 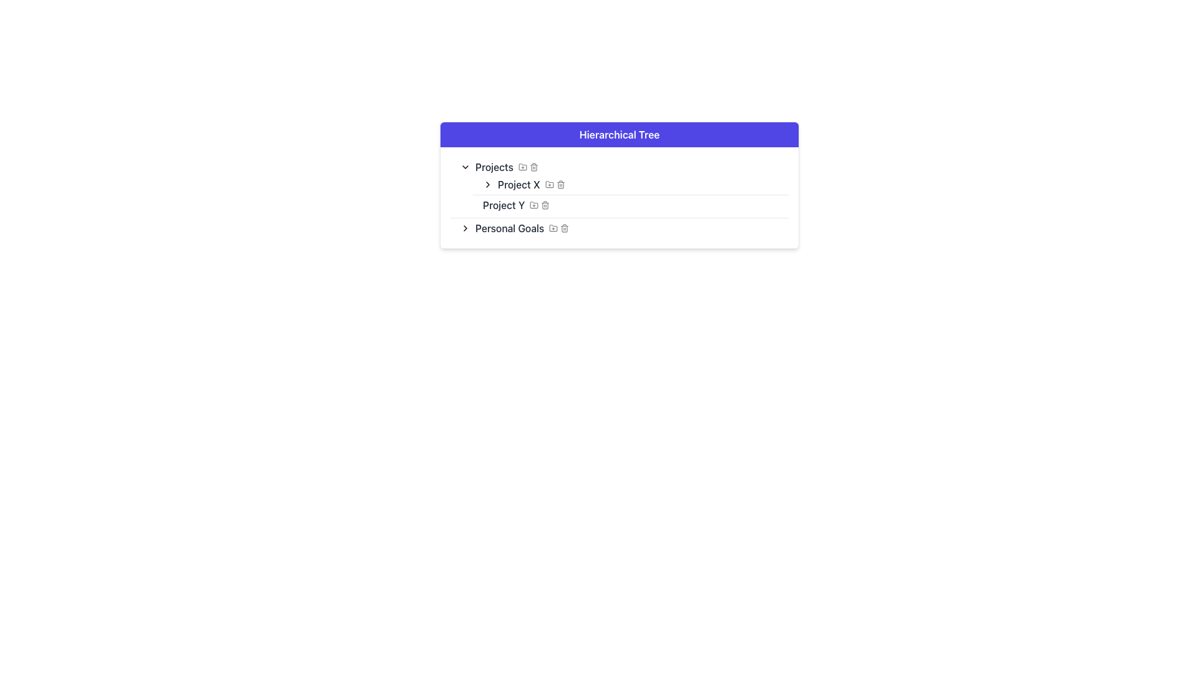 What do you see at coordinates (522, 166) in the screenshot?
I see `the folder icon representing the 'Projects' category, which is located to the right of the 'Projects' label` at bounding box center [522, 166].